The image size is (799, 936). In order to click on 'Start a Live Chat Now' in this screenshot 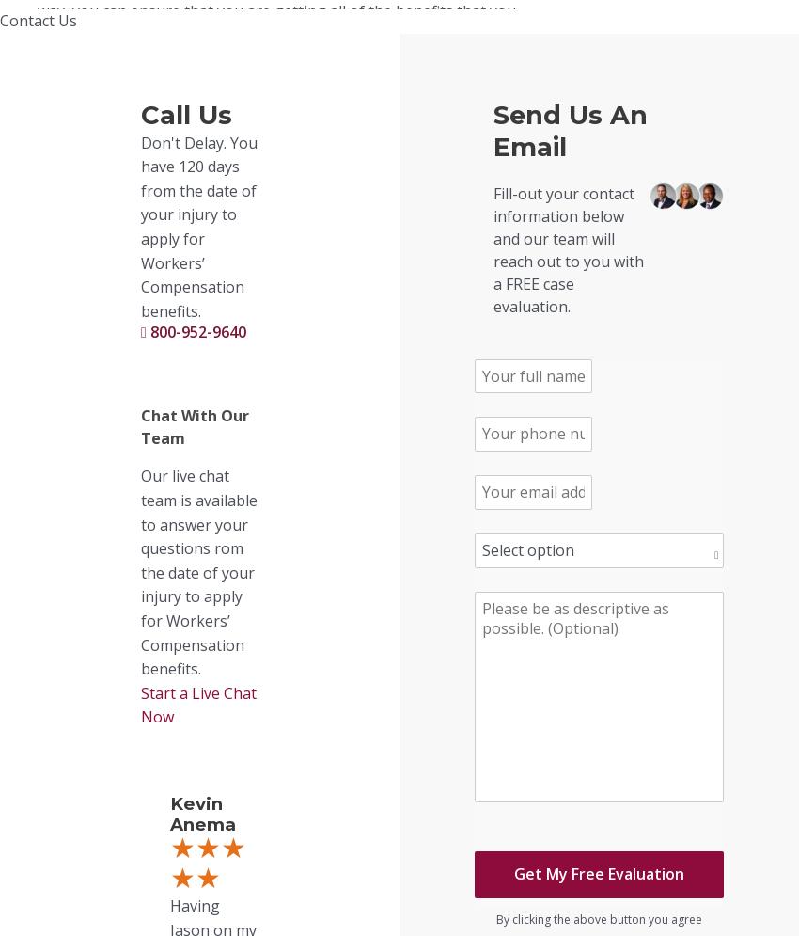, I will do `click(197, 704)`.